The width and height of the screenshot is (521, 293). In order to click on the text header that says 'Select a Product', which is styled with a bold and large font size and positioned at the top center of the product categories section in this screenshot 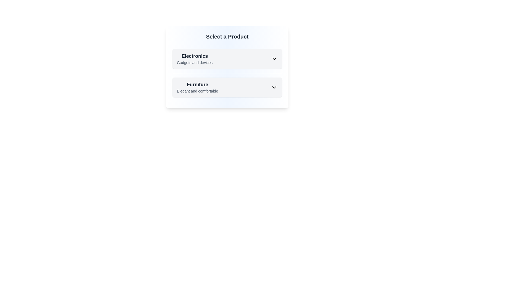, I will do `click(227, 37)`.